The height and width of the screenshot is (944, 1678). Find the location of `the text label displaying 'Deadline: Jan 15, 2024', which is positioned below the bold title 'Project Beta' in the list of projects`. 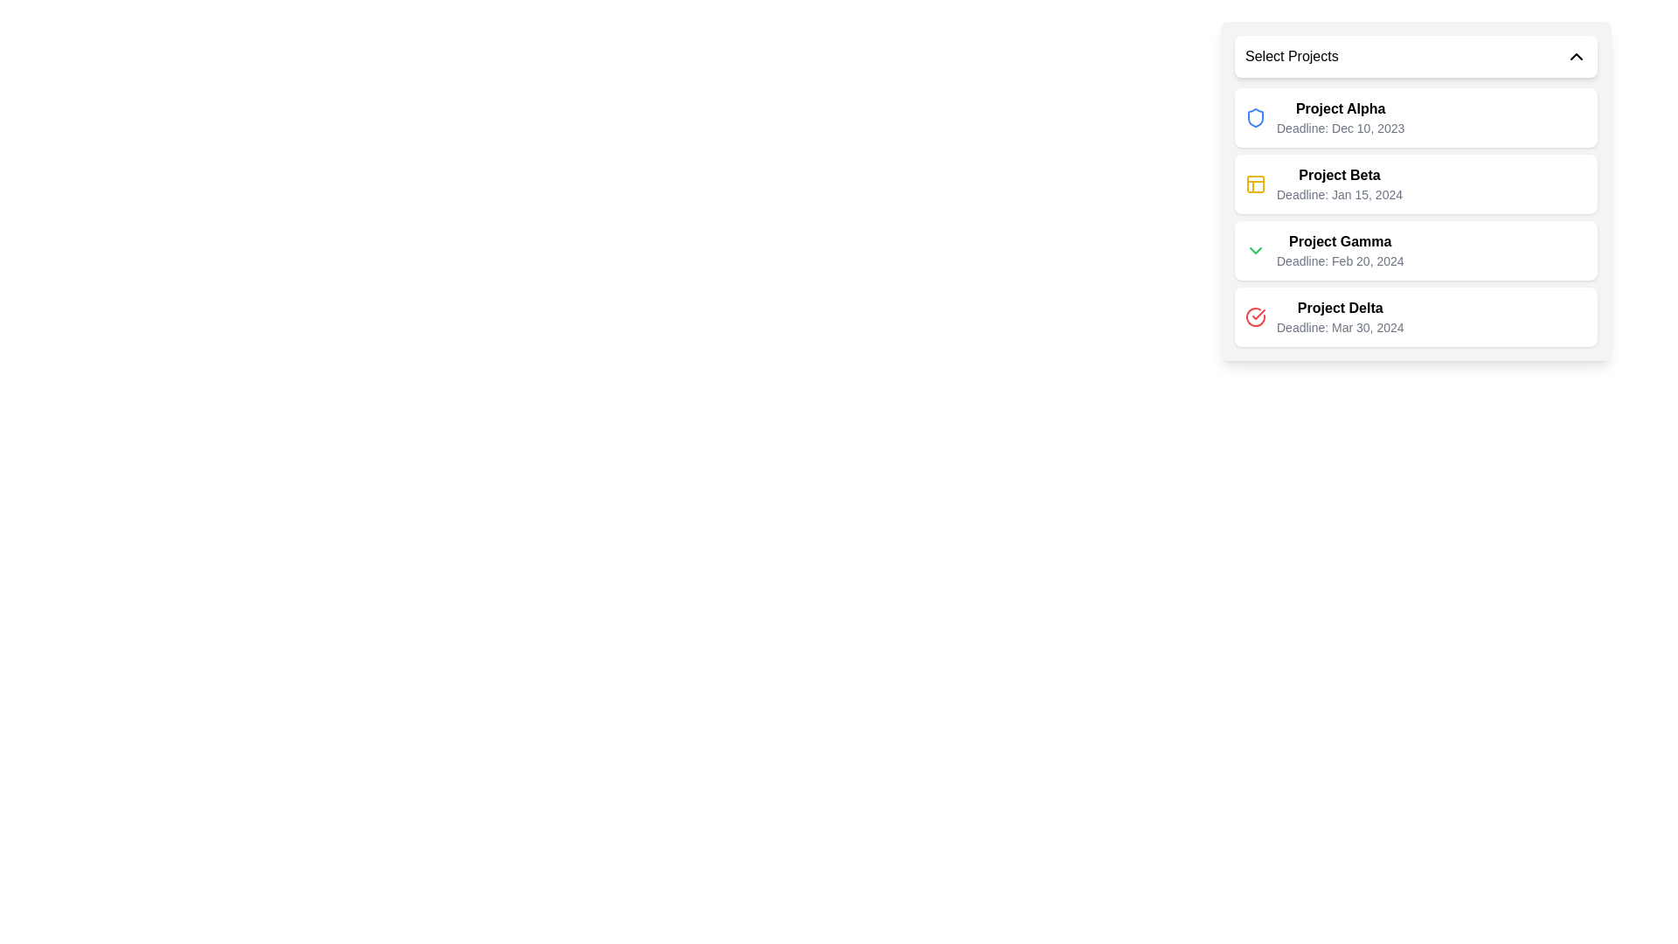

the text label displaying 'Deadline: Jan 15, 2024', which is positioned below the bold title 'Project Beta' in the list of projects is located at coordinates (1338, 195).